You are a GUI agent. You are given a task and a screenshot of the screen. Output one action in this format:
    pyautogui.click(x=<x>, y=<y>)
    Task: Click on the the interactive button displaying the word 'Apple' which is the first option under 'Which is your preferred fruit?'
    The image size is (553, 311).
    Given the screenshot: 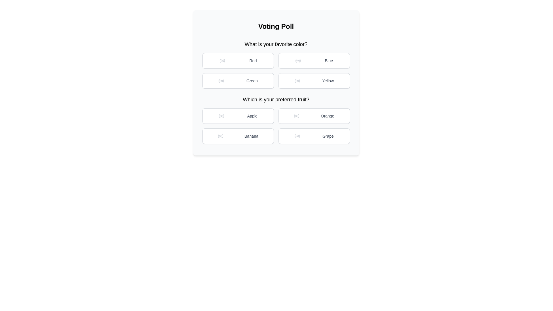 What is the action you would take?
    pyautogui.click(x=252, y=116)
    